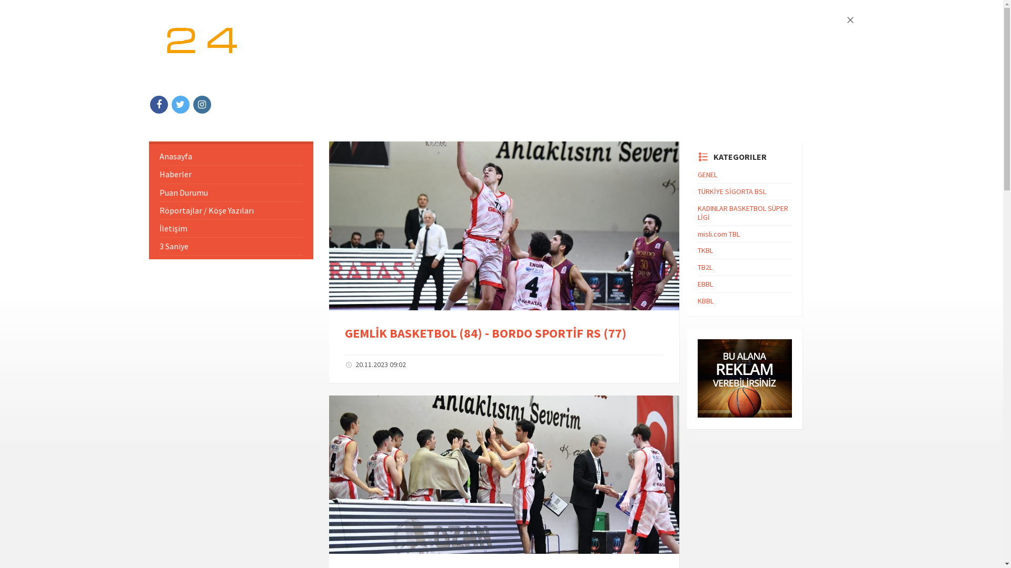  Describe the element at coordinates (707, 174) in the screenshot. I see `'GENEL'` at that location.